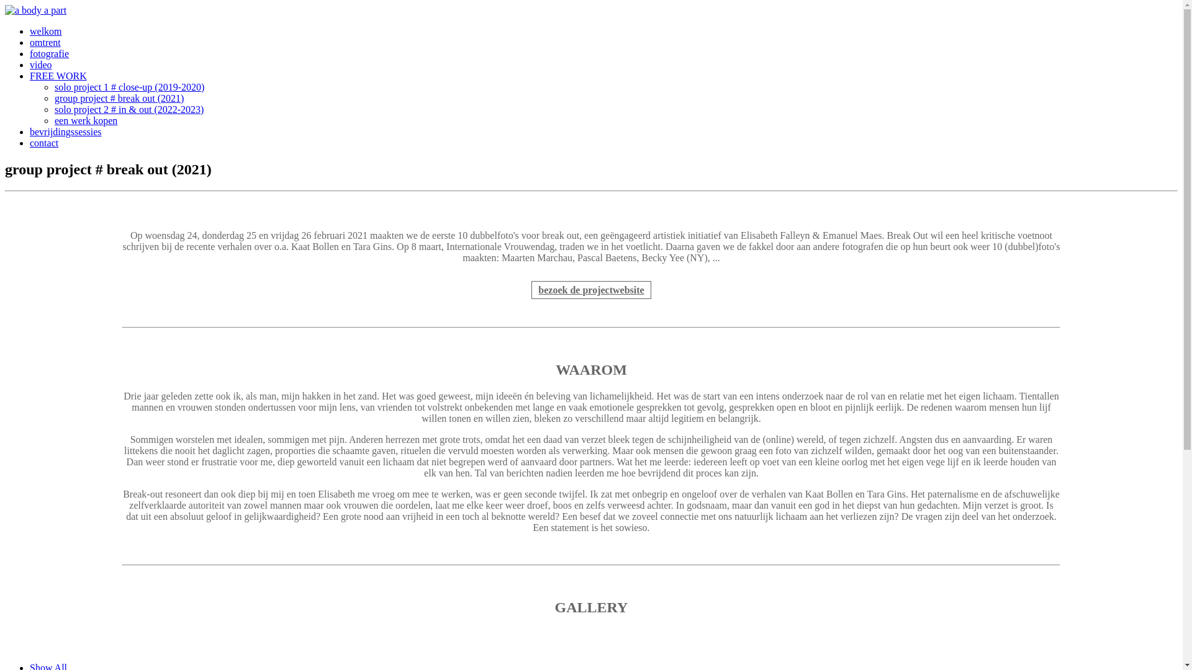 This screenshot has height=670, width=1192. Describe the element at coordinates (44, 142) in the screenshot. I see `'contact'` at that location.